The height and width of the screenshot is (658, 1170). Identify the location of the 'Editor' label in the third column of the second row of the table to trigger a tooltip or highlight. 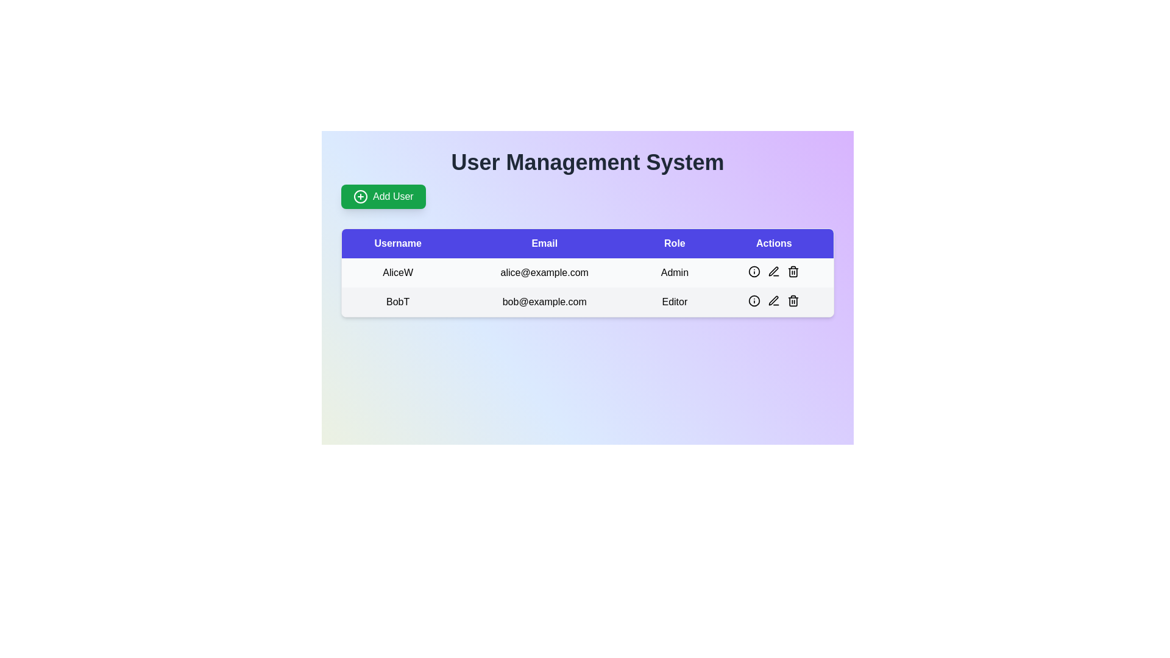
(674, 302).